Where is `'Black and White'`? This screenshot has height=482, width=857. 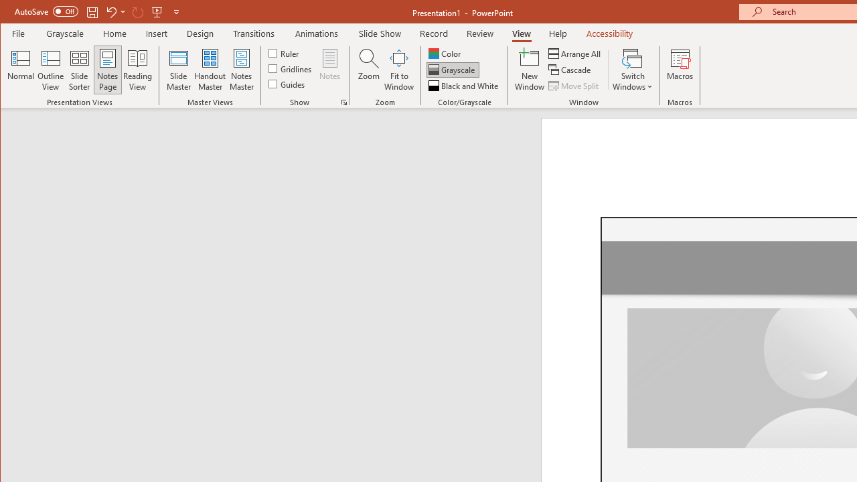 'Black and White' is located at coordinates (465, 86).